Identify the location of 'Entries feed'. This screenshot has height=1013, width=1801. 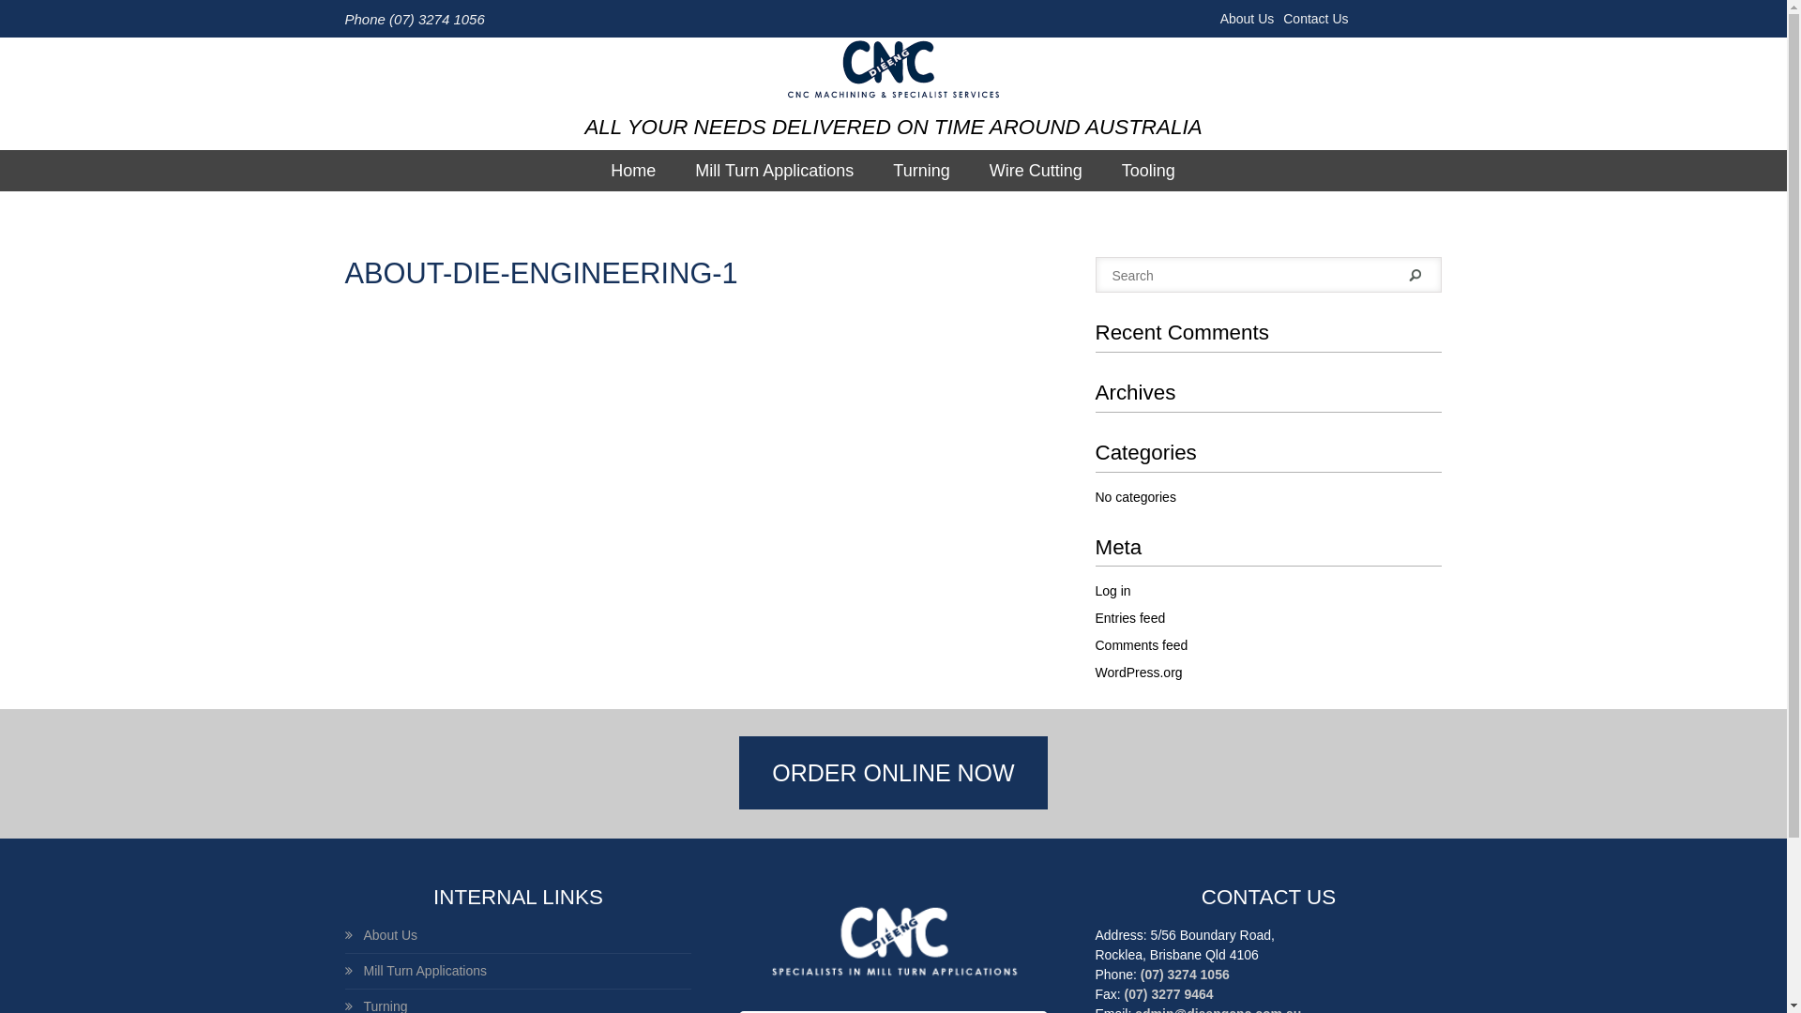
(1095, 618).